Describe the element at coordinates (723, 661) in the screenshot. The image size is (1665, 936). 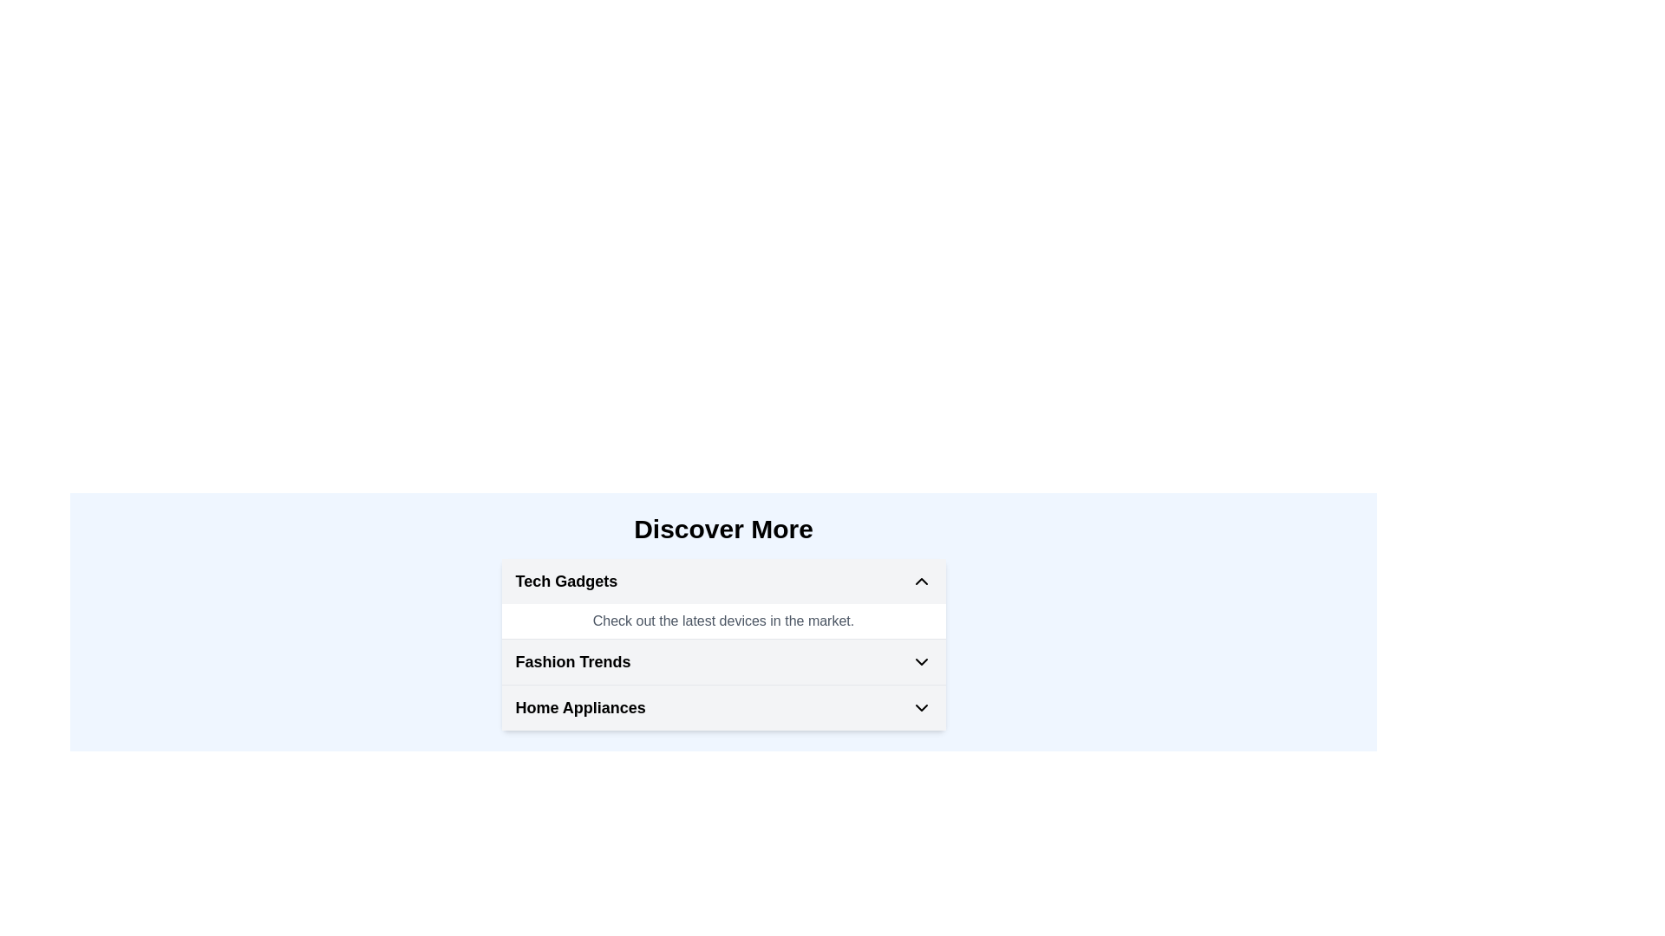
I see `the 'Fashion Trends' interactive list item` at that location.